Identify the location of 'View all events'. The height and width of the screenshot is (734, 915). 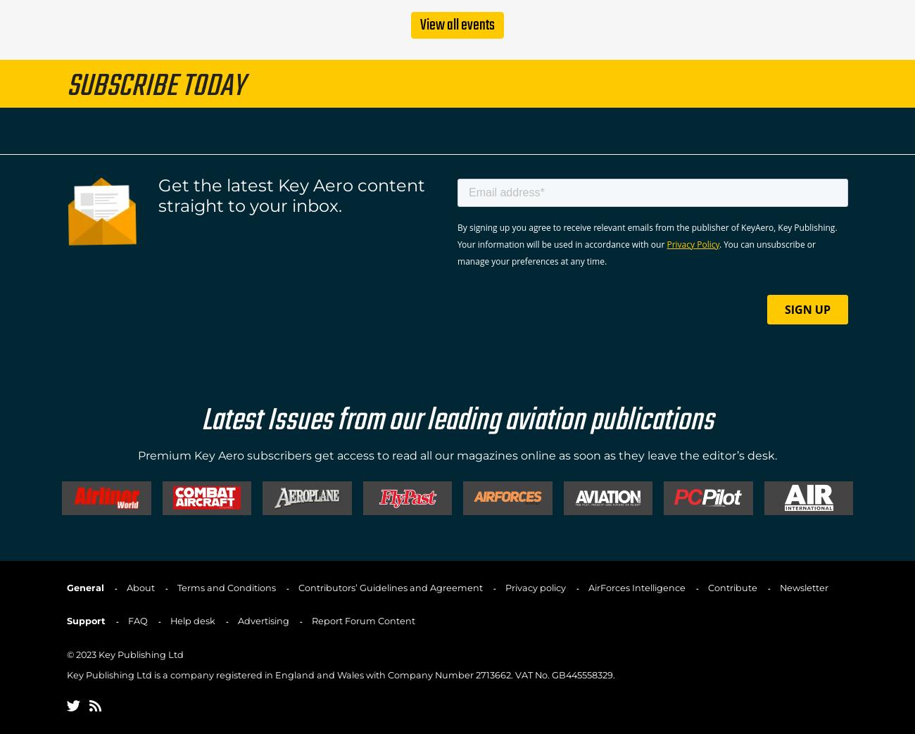
(458, 24).